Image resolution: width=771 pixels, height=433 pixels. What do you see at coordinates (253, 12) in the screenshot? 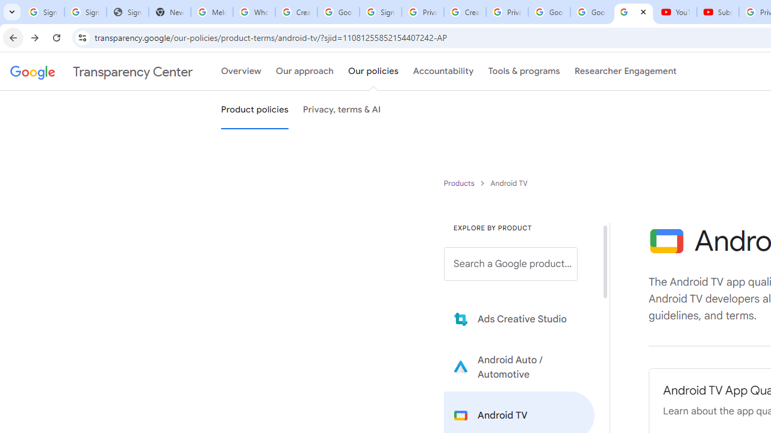
I see `'Who is my administrator? - Google Account Help'` at bounding box center [253, 12].